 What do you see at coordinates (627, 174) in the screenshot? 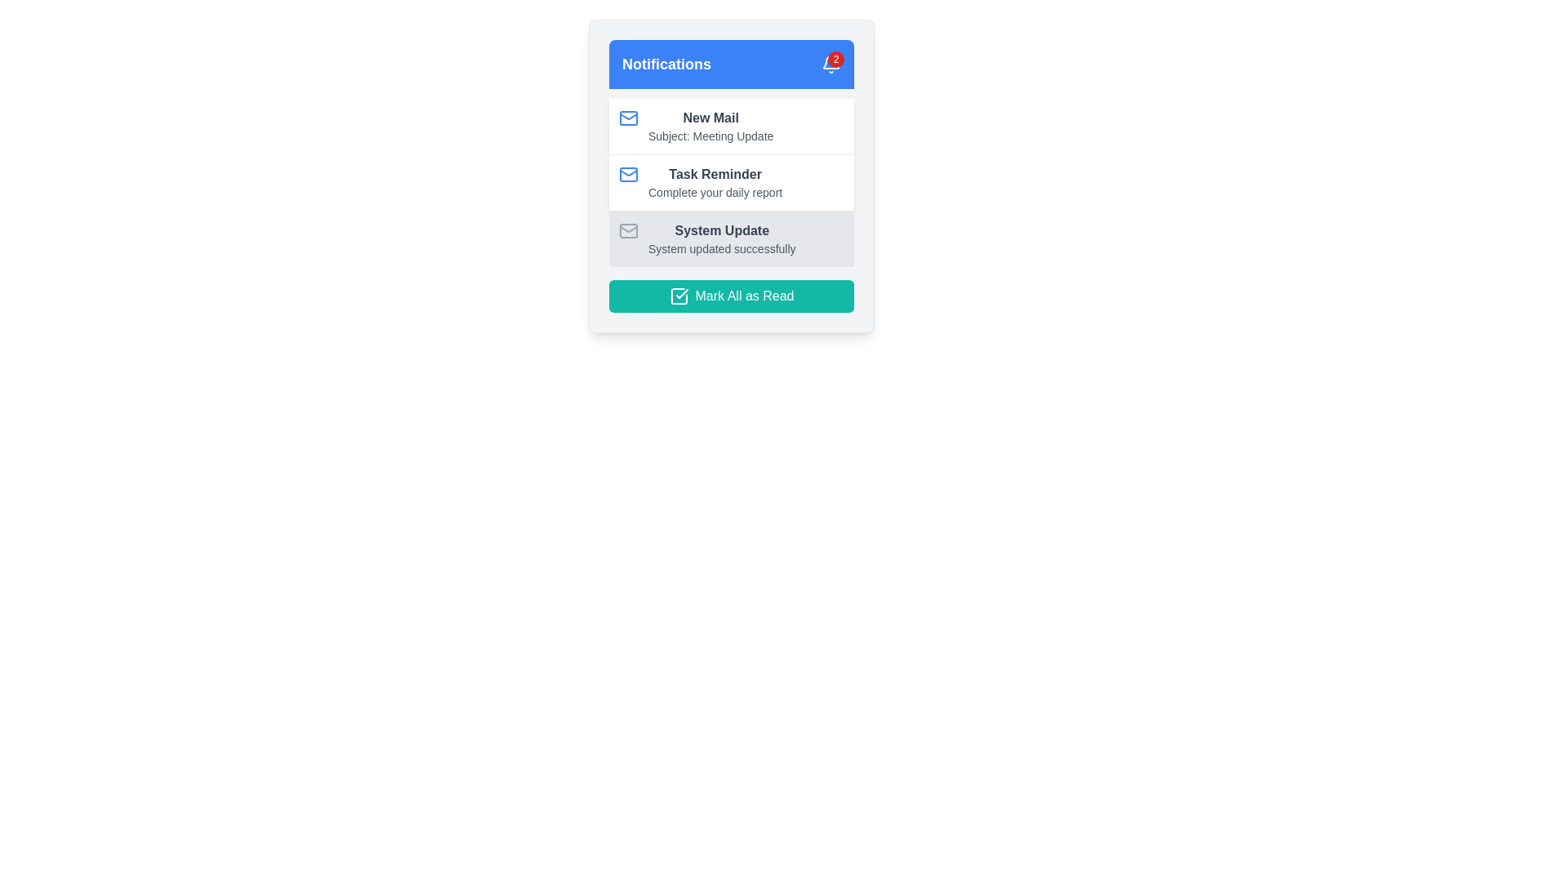
I see `mail envelope icon located to the left of the 'Task Reminder' text in the notification list` at bounding box center [627, 174].